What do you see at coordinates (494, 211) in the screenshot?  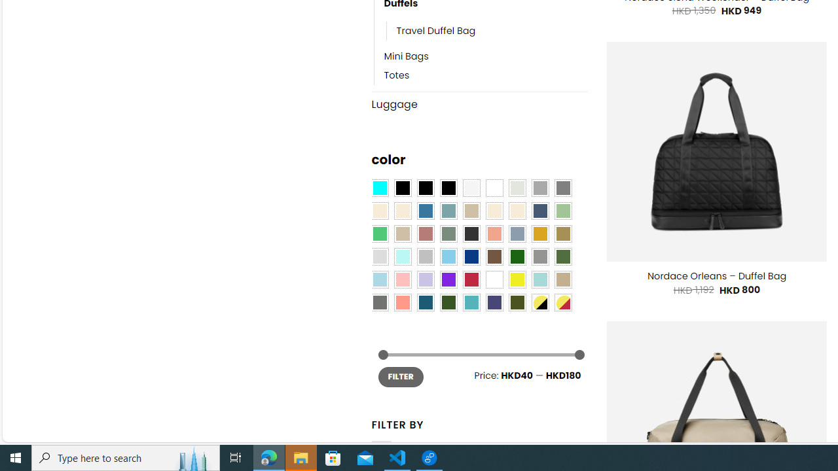 I see `'Caramel'` at bounding box center [494, 211].